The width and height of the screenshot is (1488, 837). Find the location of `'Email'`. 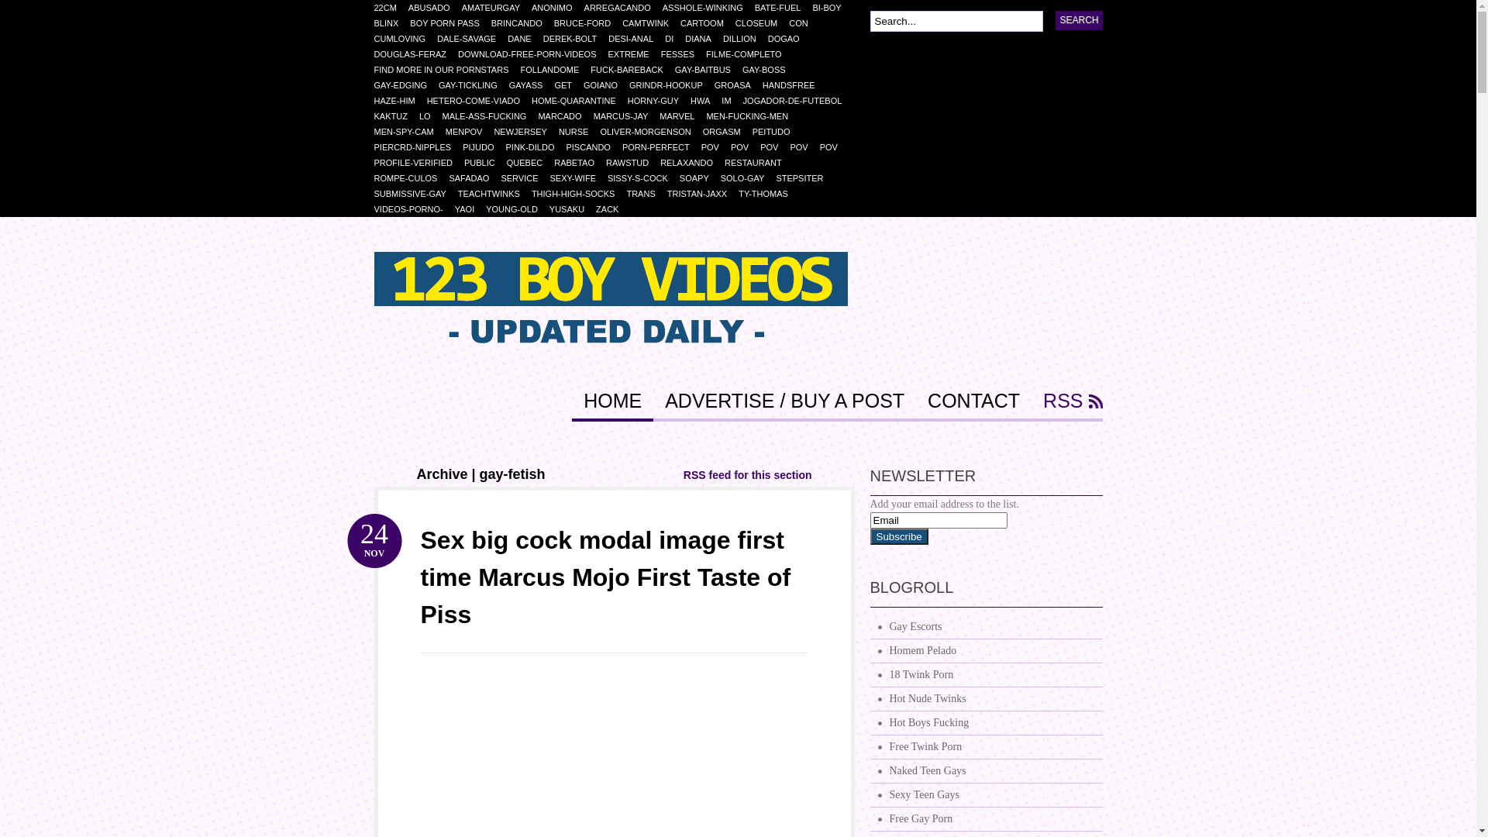

'Email' is located at coordinates (937, 520).